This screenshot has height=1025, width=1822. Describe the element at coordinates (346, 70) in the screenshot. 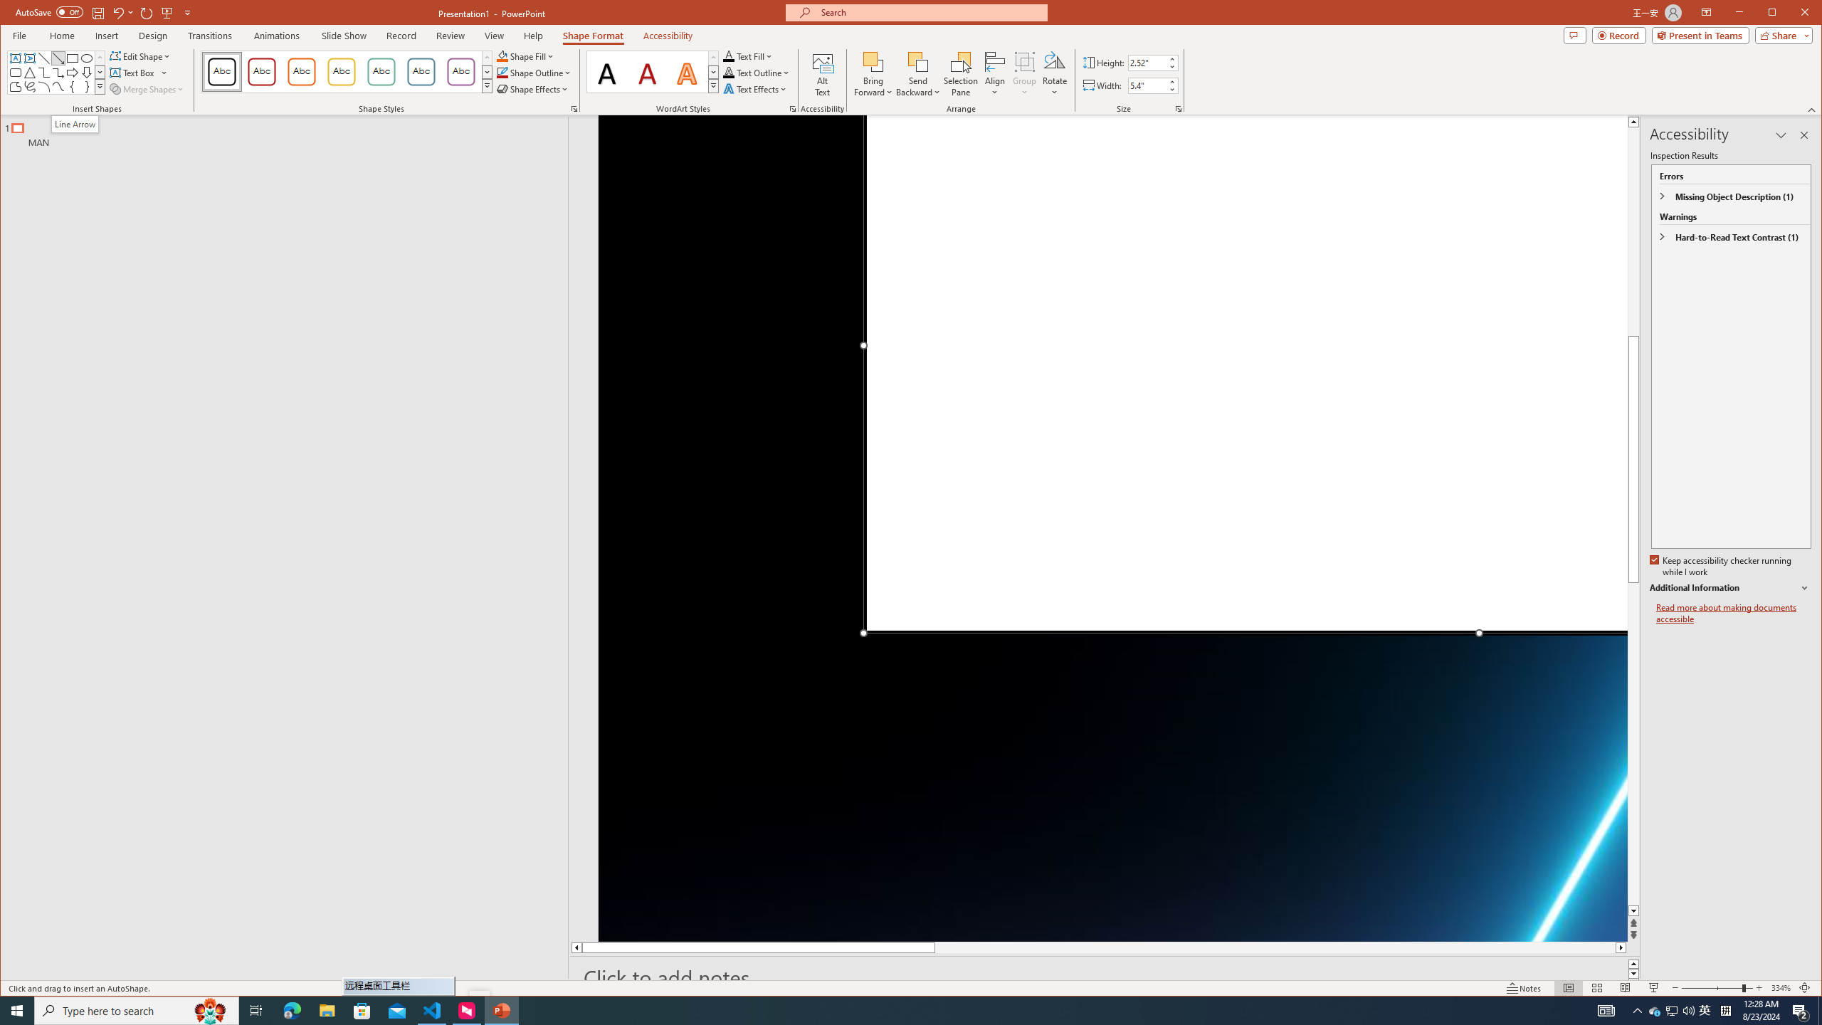

I see `'AutomationID: ShapeStylesGallery'` at that location.